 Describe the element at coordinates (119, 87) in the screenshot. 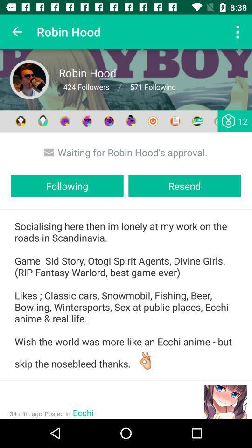

I see `the symbol which is right to followers` at that location.